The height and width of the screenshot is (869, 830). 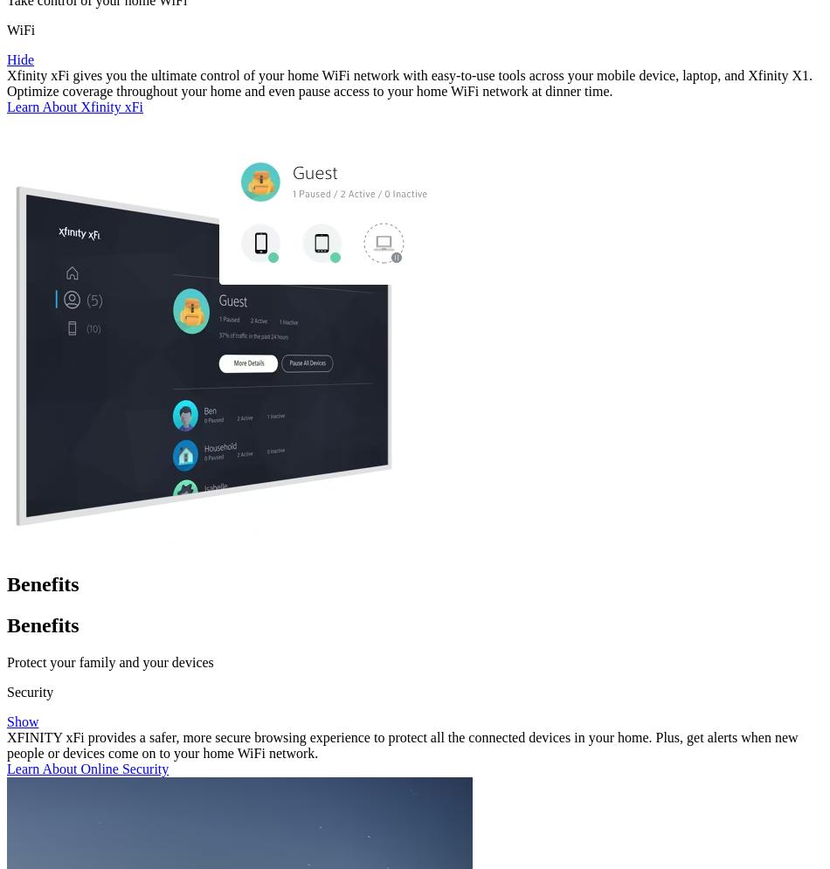 I want to click on 'Protect your family and your devices', so click(x=109, y=660).